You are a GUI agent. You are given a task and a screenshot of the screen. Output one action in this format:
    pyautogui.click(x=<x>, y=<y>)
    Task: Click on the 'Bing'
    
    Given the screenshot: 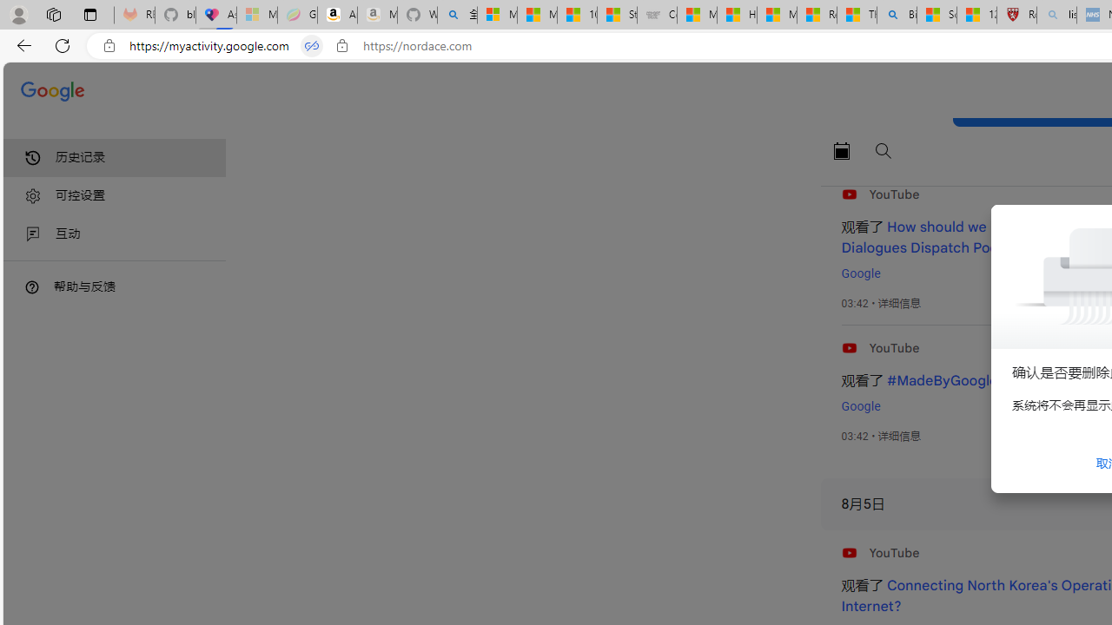 What is the action you would take?
    pyautogui.click(x=897, y=15)
    